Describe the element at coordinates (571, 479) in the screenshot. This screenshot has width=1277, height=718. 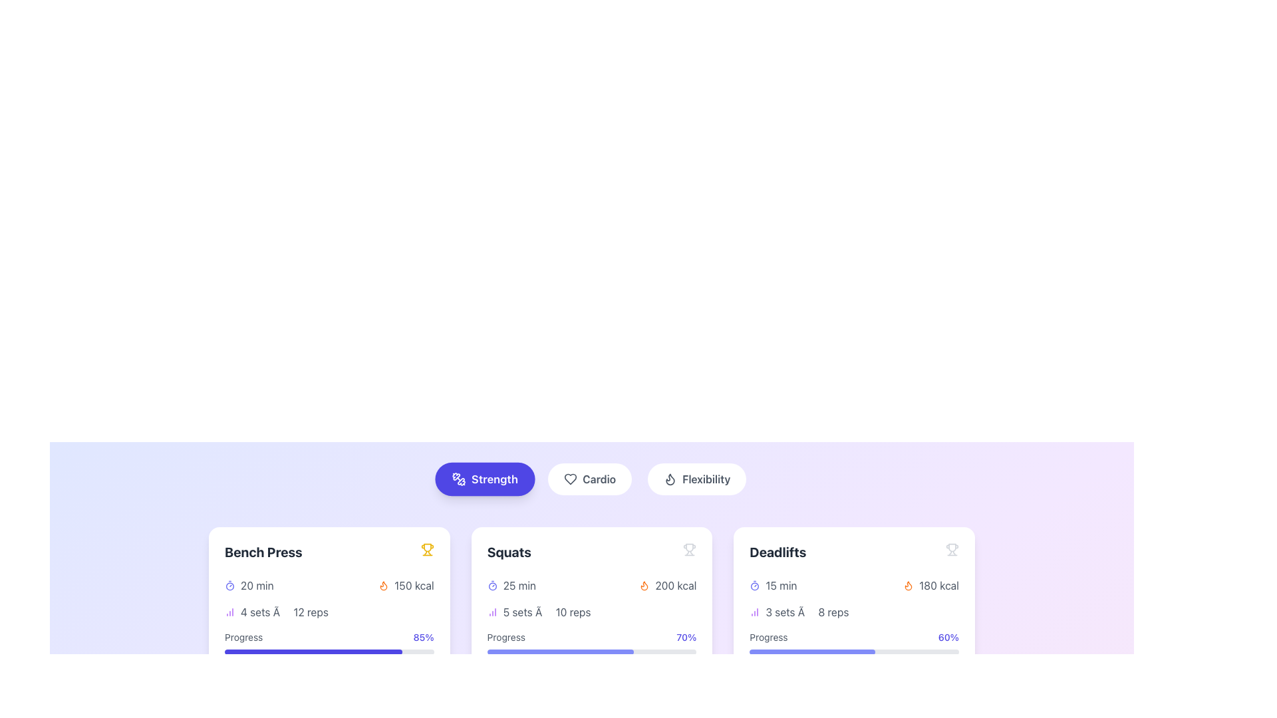
I see `the 'Cardio' icon, which is located on the left side of the 'Cardio' button among the three buttons labeled 'Strength', 'Cardio', and 'Flexibility'` at that location.